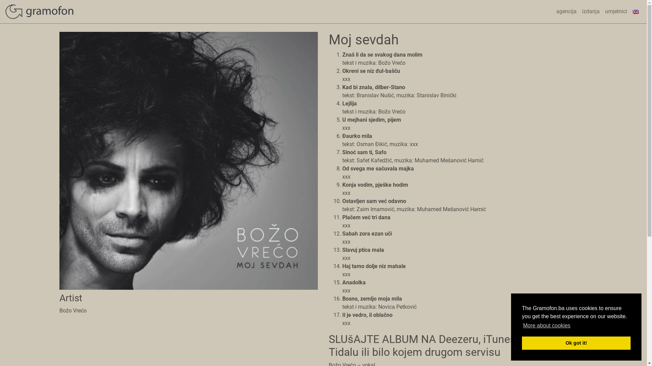 This screenshot has height=366, width=652. Describe the element at coordinates (590, 12) in the screenshot. I see `'izdanja'` at that location.